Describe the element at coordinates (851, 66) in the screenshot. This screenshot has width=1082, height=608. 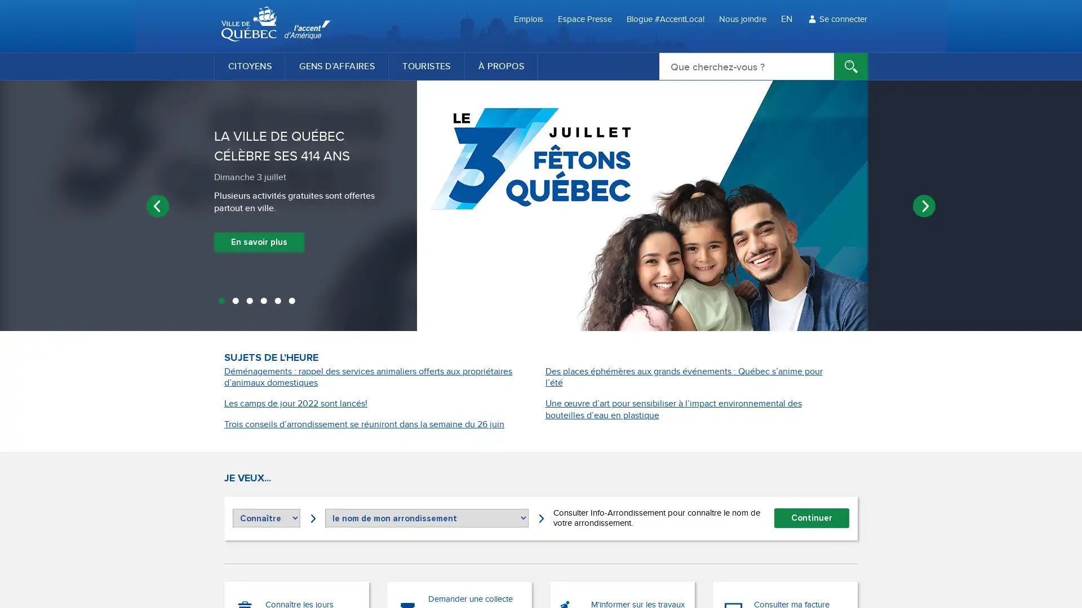
I see `Rechercher` at that location.